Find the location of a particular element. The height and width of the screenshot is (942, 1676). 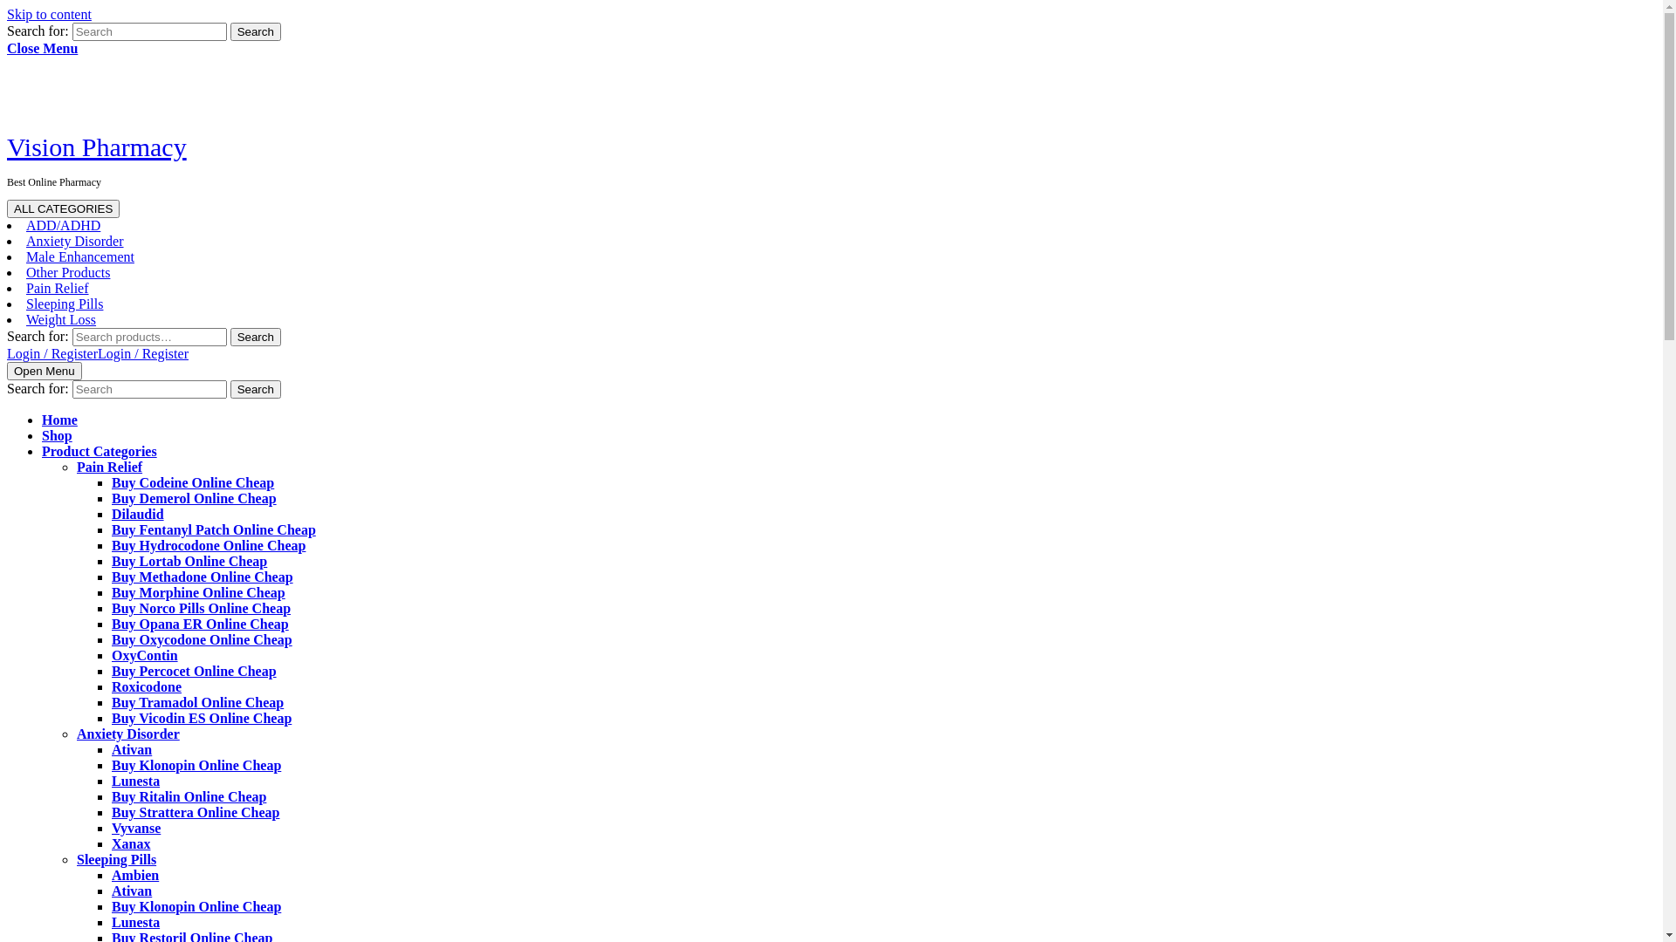

'OxyContin' is located at coordinates (145, 655).